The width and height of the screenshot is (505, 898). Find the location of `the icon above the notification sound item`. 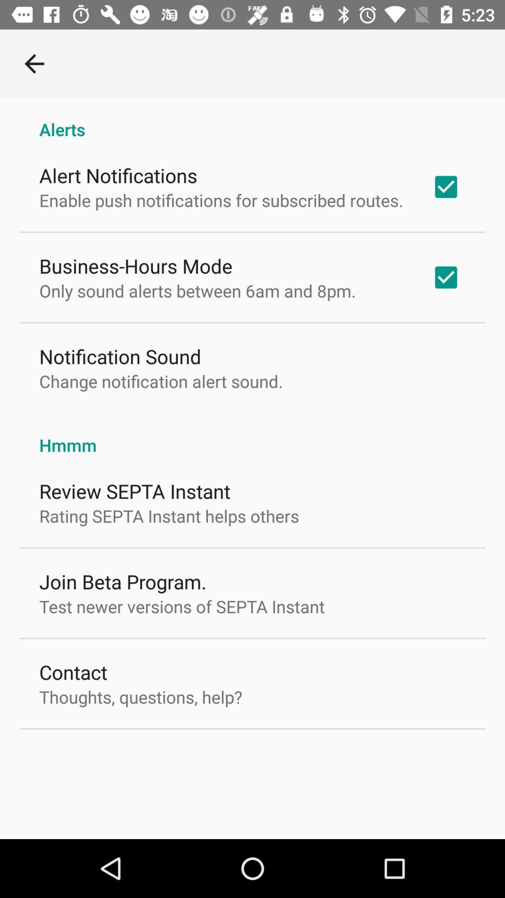

the icon above the notification sound item is located at coordinates (197, 290).